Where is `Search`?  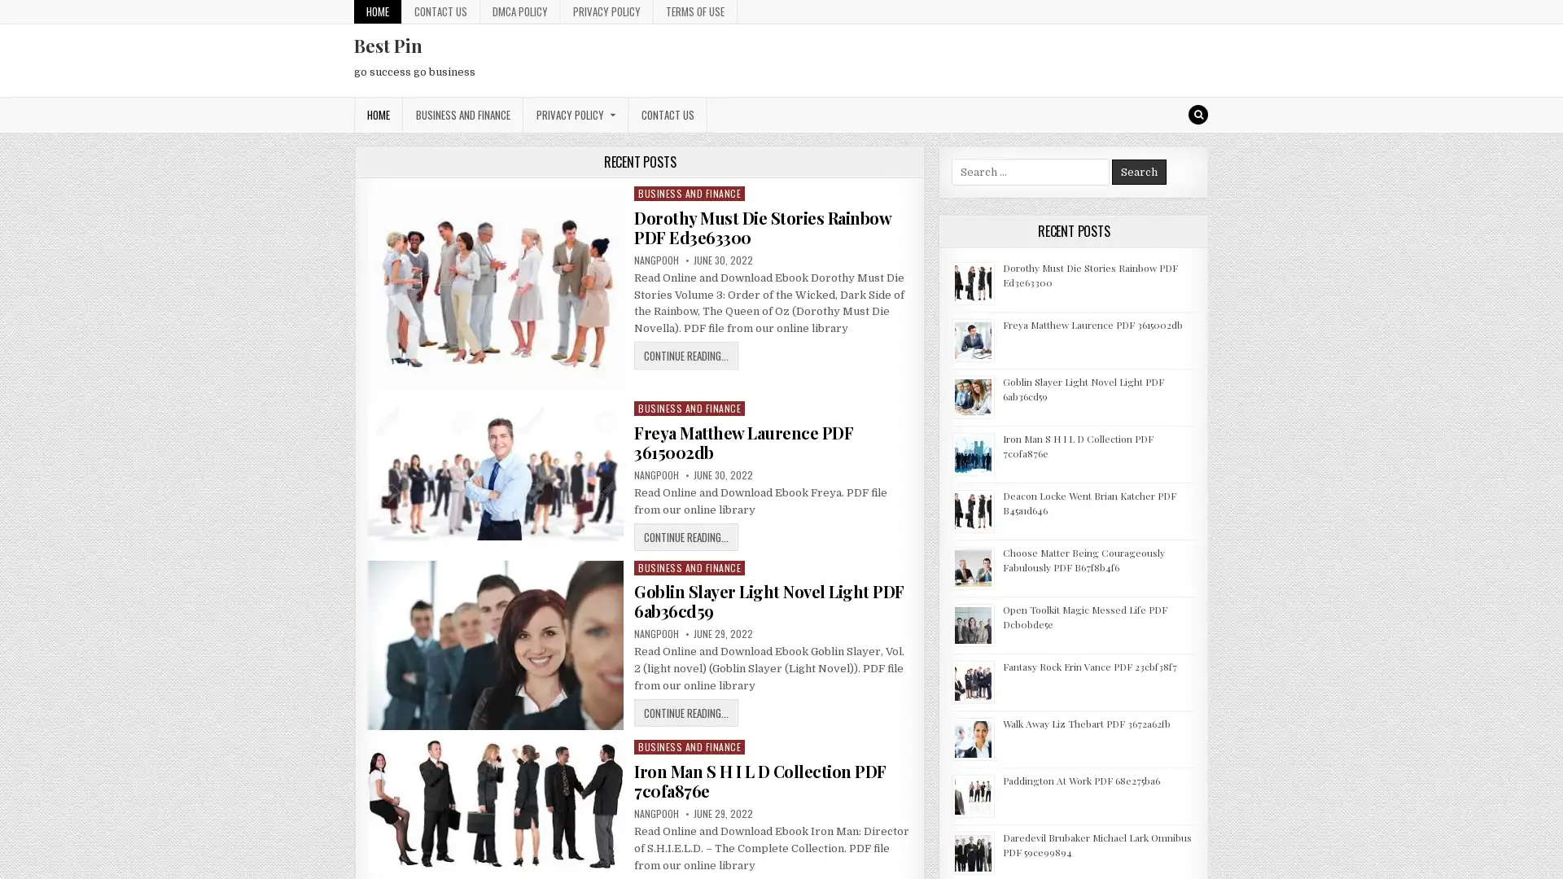 Search is located at coordinates (1138, 172).